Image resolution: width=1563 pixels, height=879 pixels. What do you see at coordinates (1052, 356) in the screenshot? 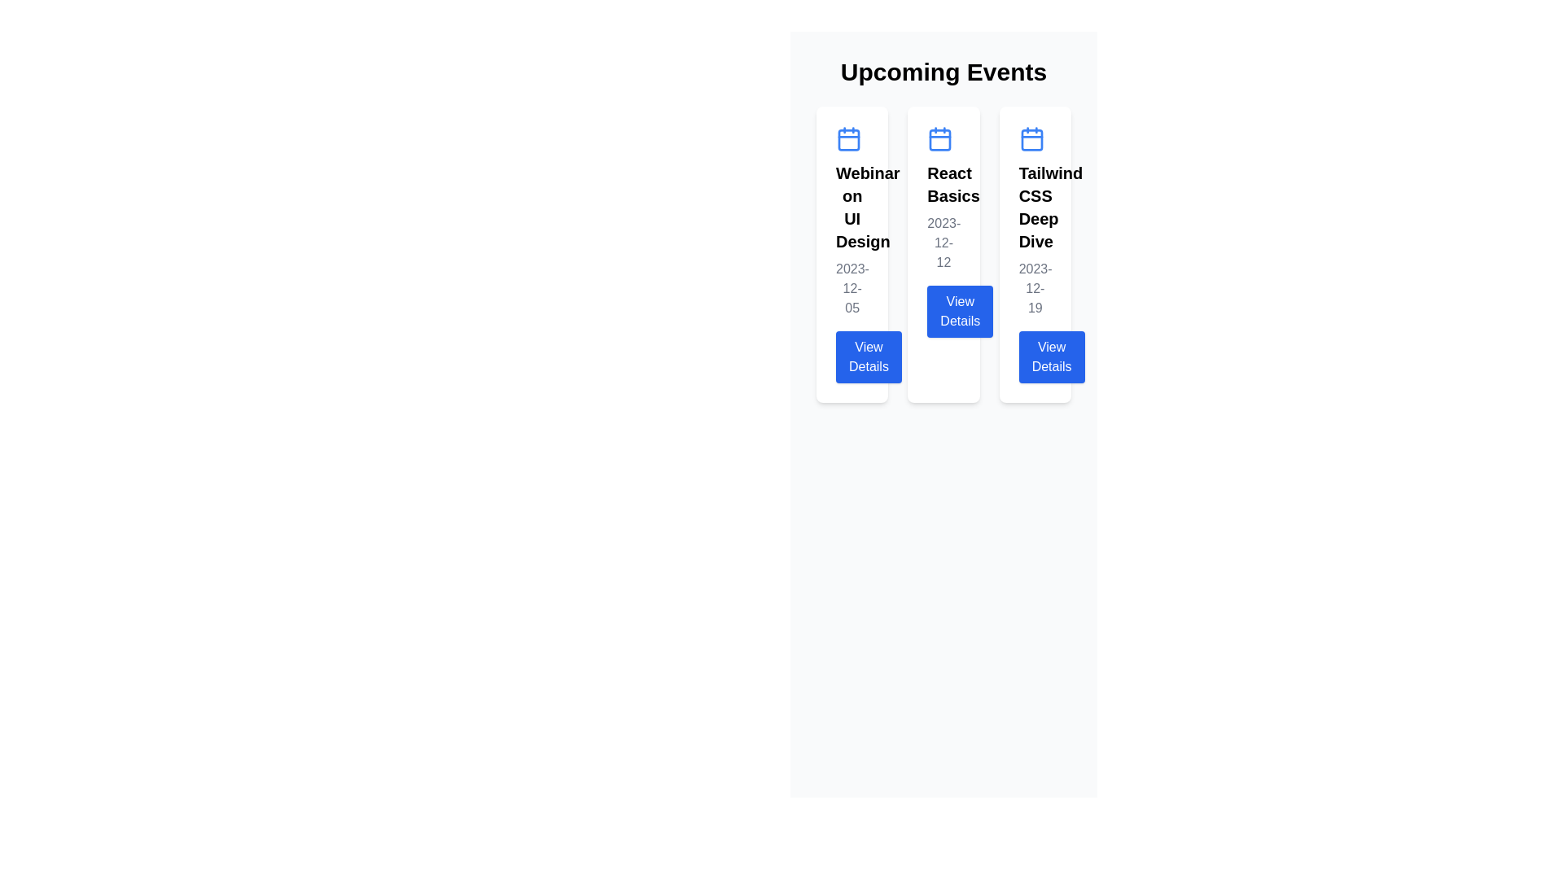
I see `the button located at the bottom of the 'Tailwind CSS Deep Dive' card` at bounding box center [1052, 356].